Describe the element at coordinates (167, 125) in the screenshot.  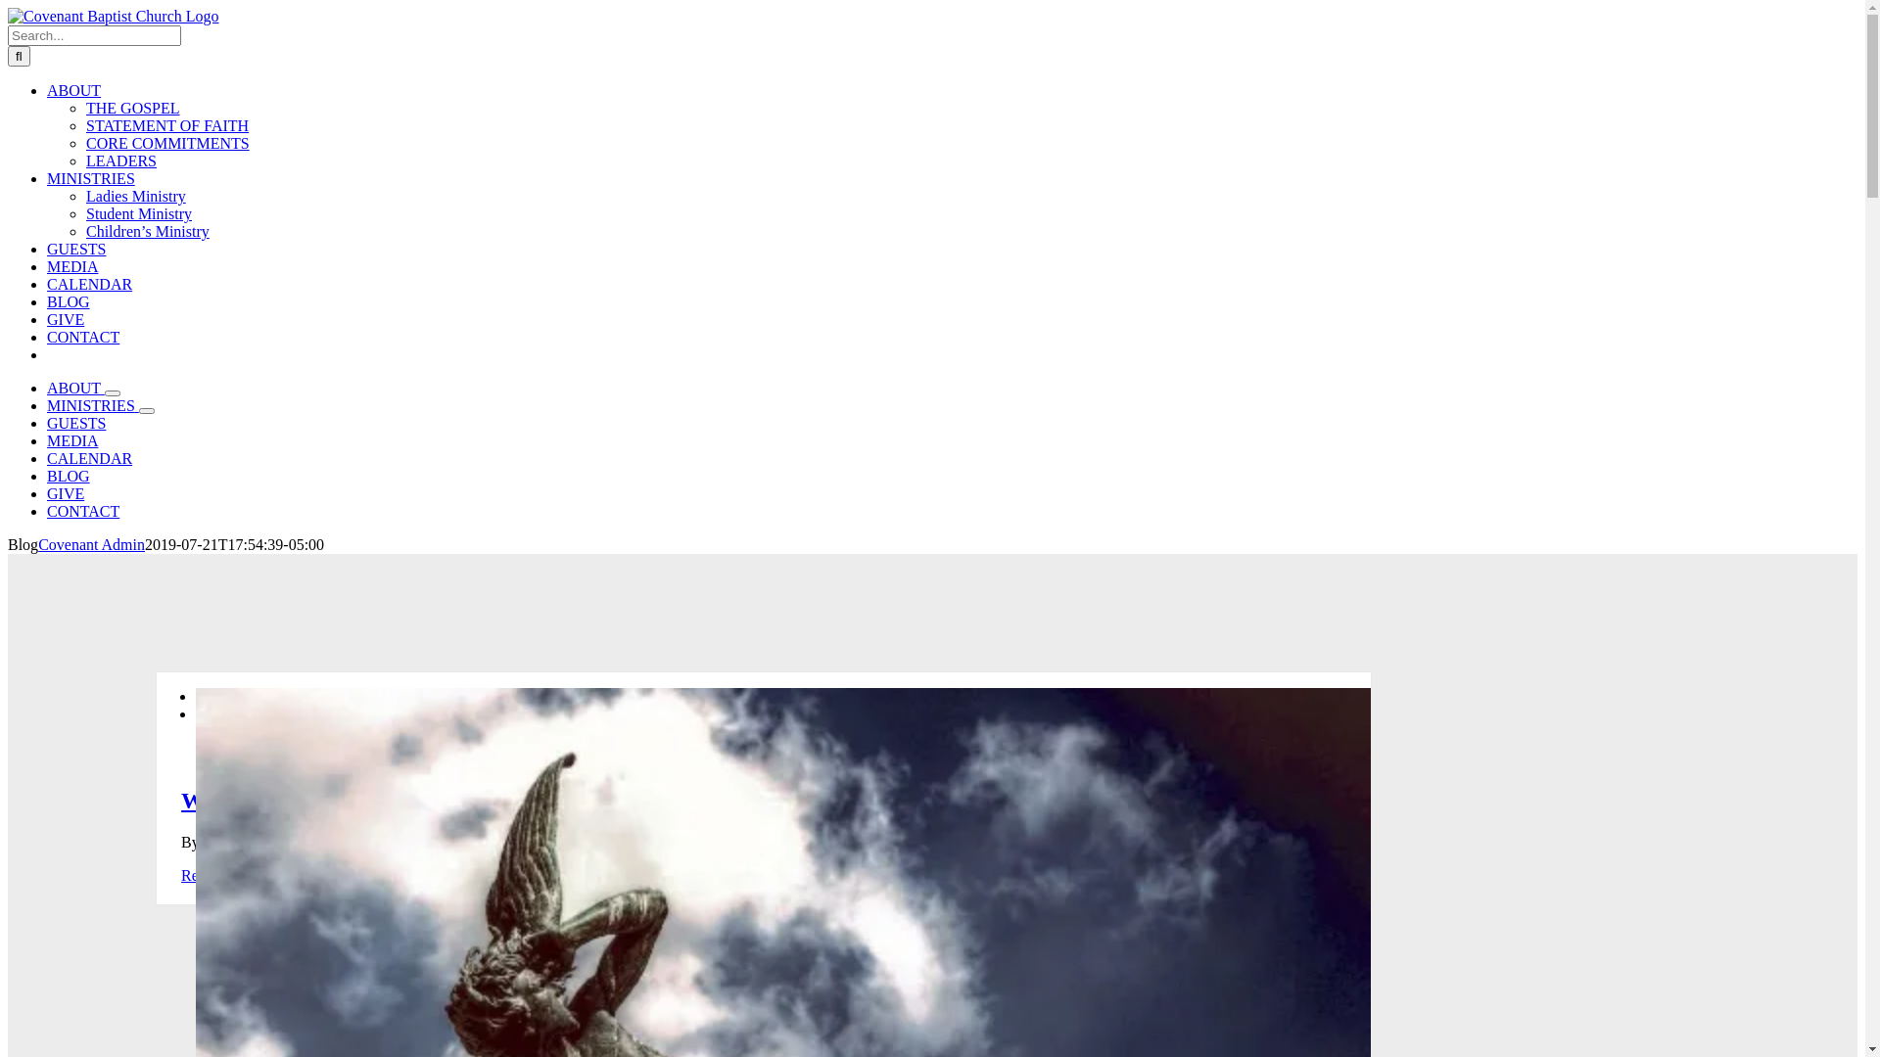
I see `'STATEMENT OF FAITH'` at that location.